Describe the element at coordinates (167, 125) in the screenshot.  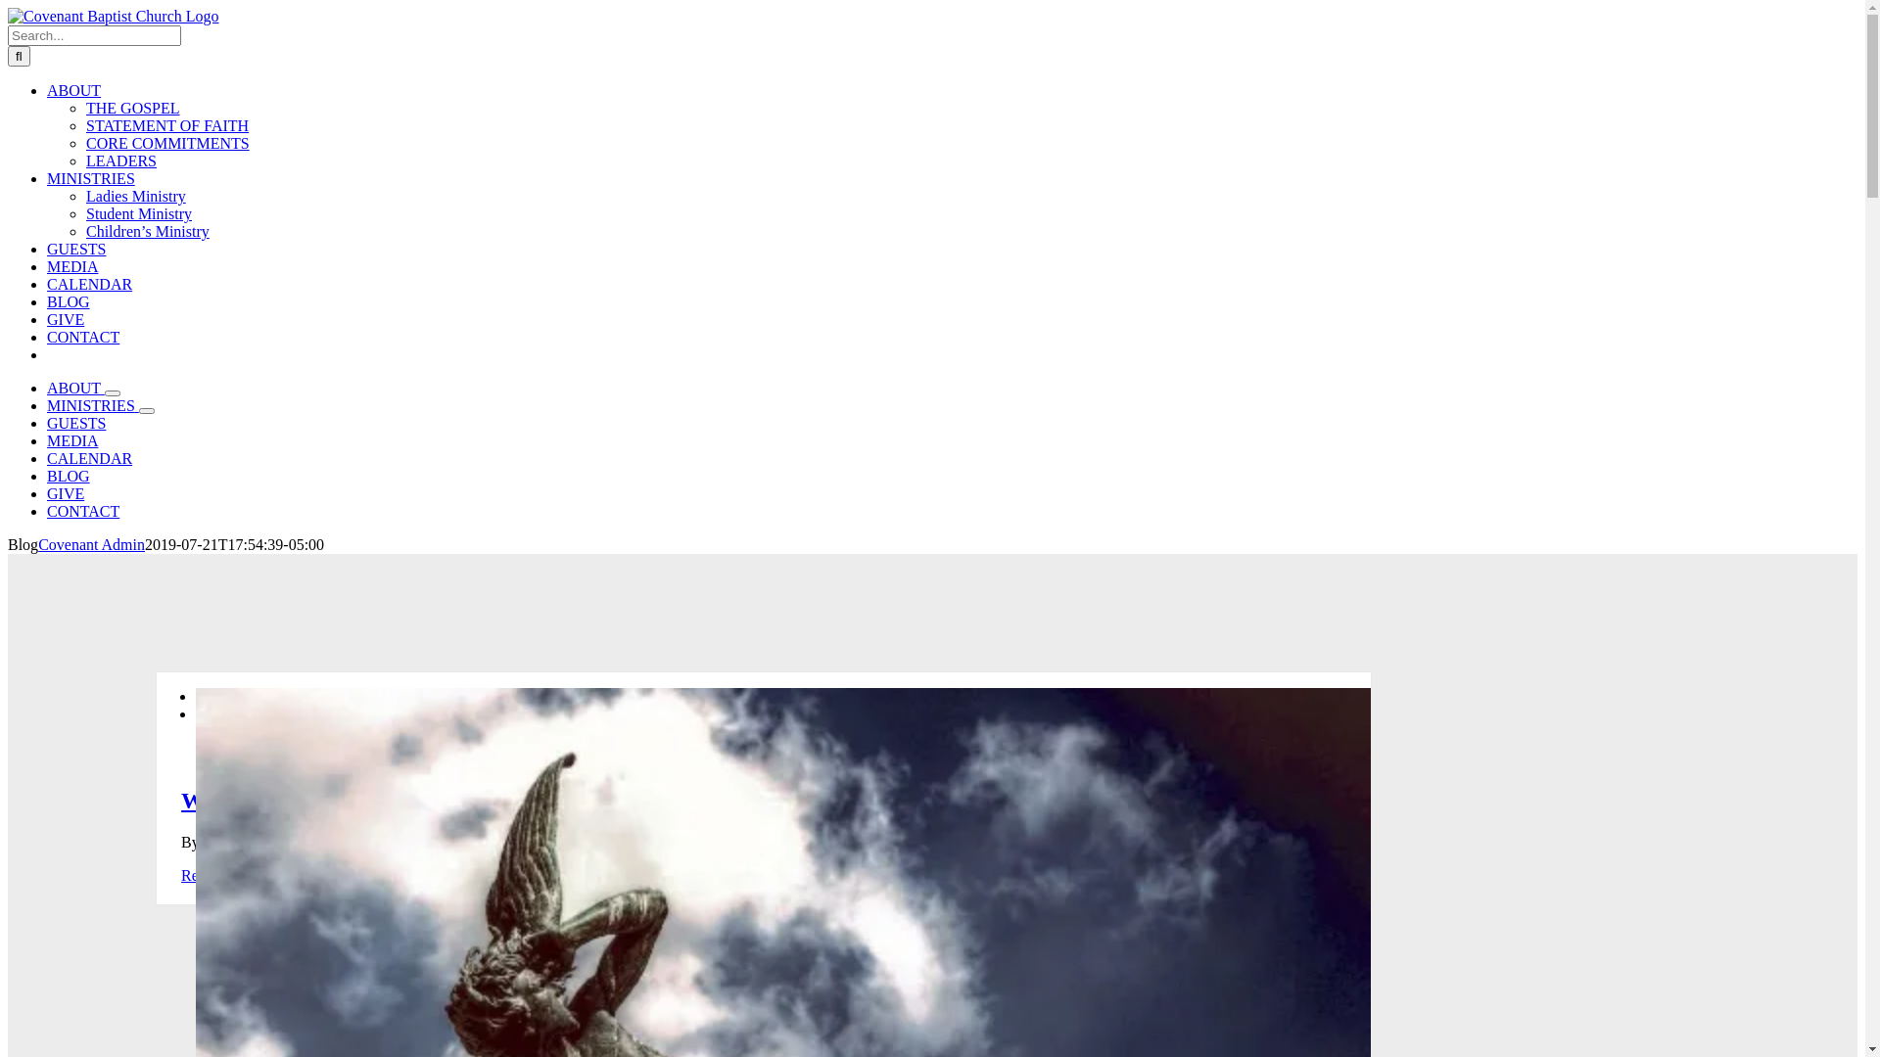
I see `'STATEMENT OF FAITH'` at that location.